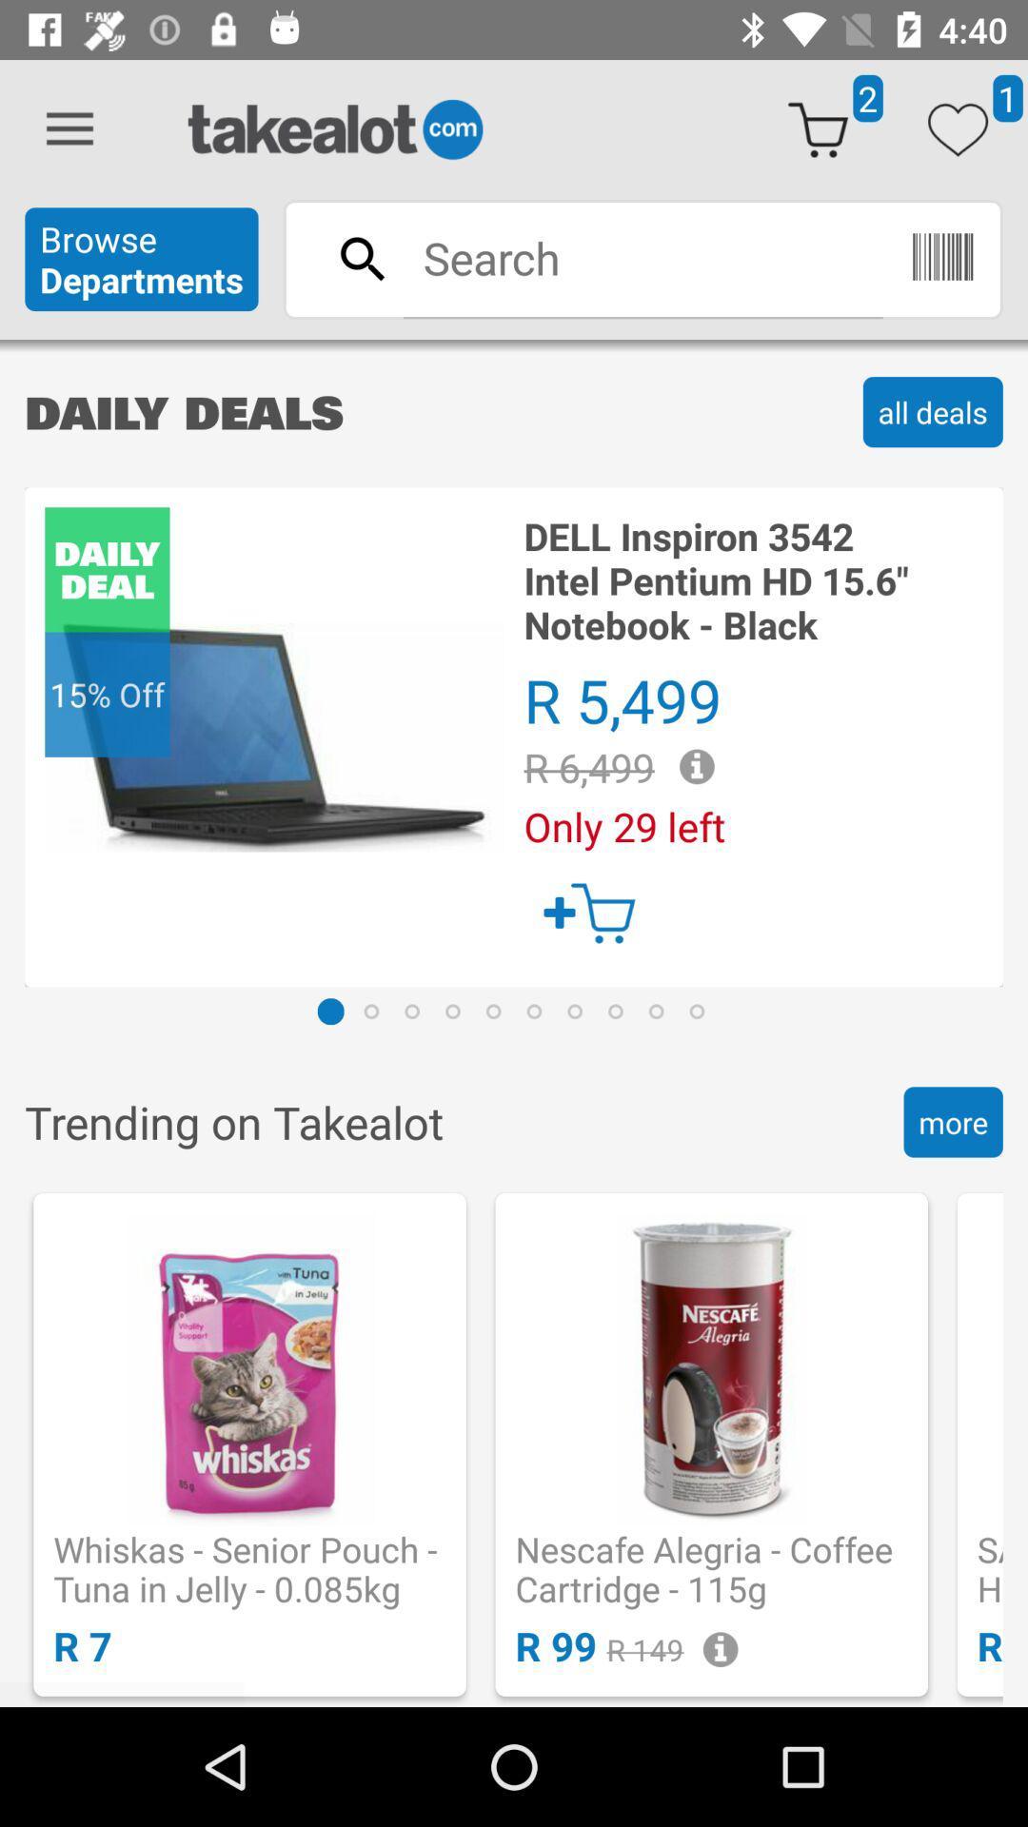  Describe the element at coordinates (642, 257) in the screenshot. I see `search appliances` at that location.